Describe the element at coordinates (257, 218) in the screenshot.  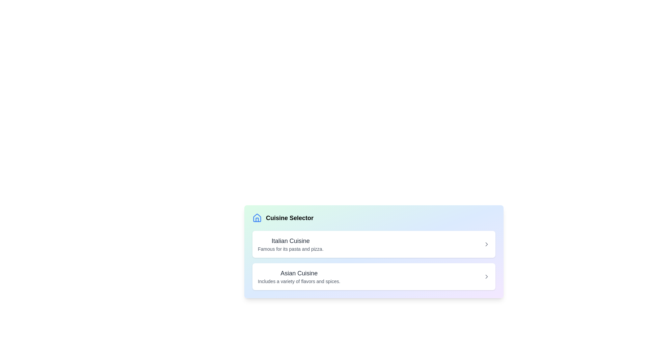
I see `the icon associated with the 'Cuisine Selector' title, located at the top-left corner of the content section` at that location.